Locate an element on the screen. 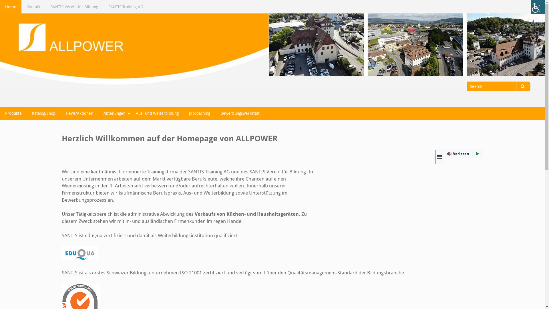 This screenshot has height=309, width=549. 'Accessibility Helper sidebar' is located at coordinates (538, 7).